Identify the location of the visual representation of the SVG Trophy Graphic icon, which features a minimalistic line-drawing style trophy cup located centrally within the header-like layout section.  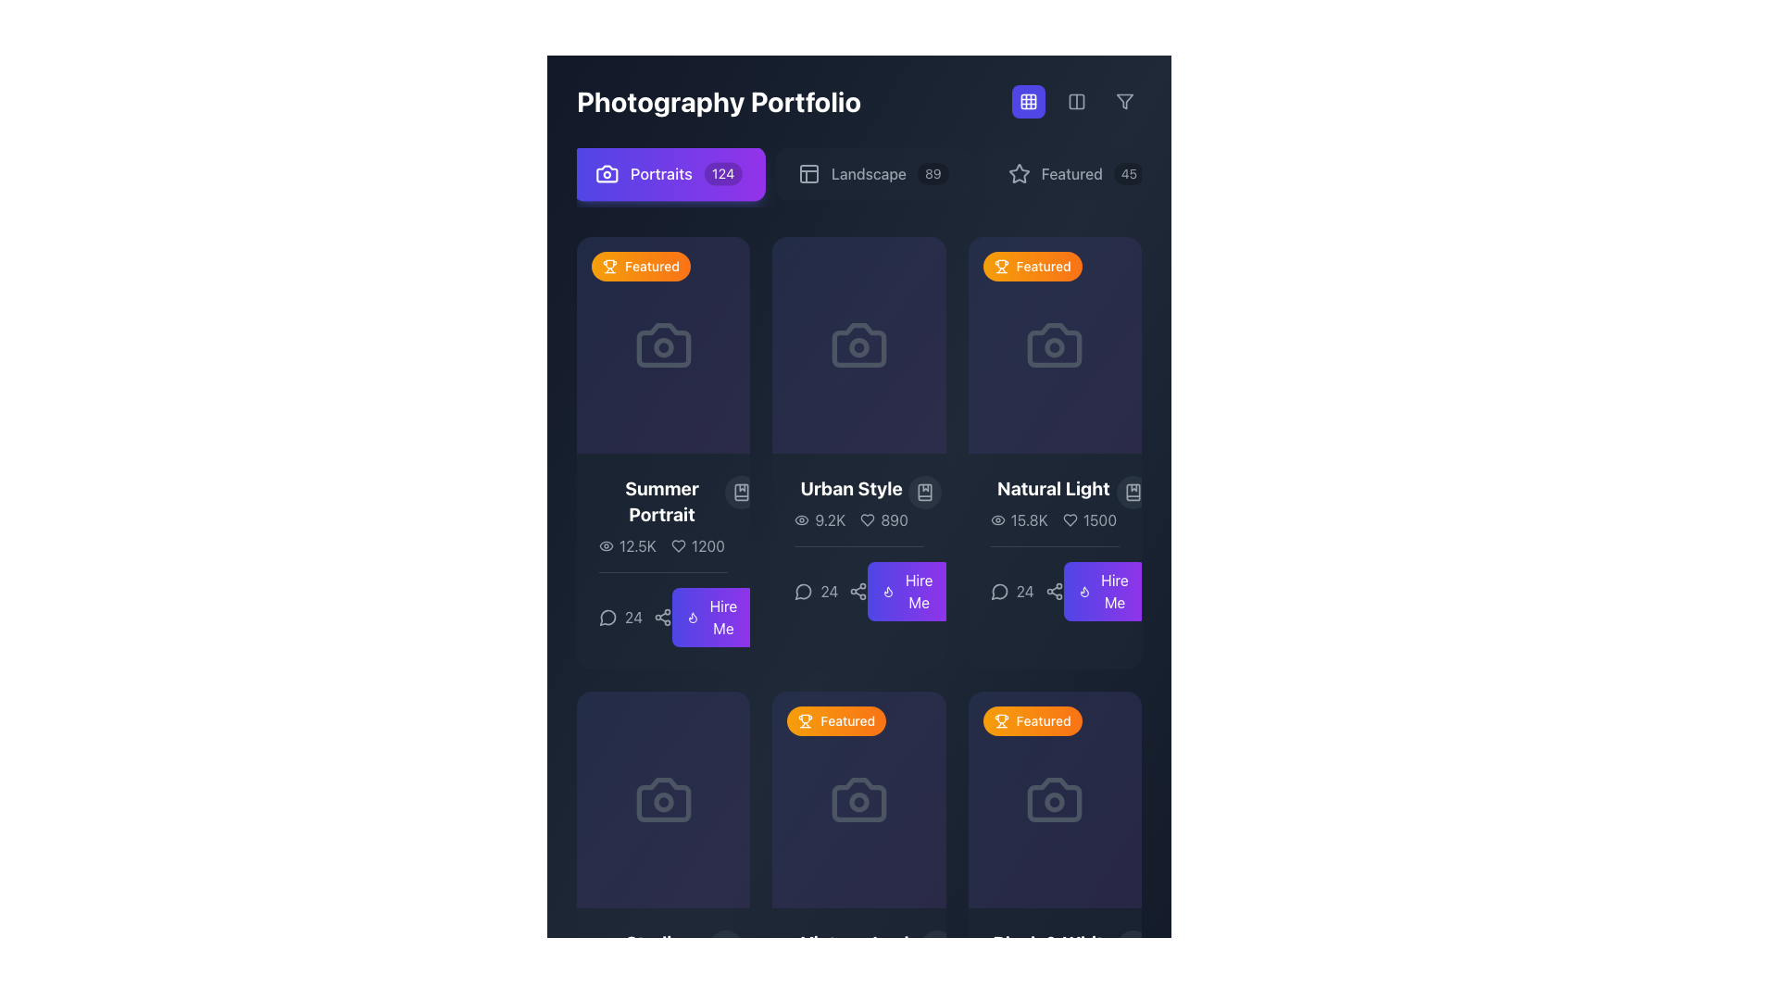
(1000, 718).